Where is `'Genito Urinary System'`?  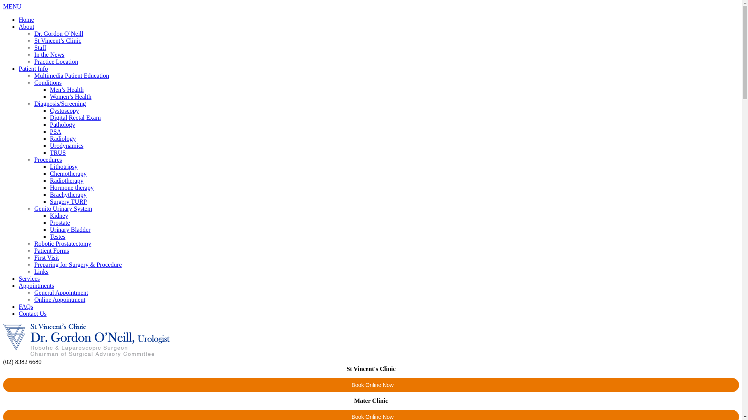
'Genito Urinary System' is located at coordinates (63, 208).